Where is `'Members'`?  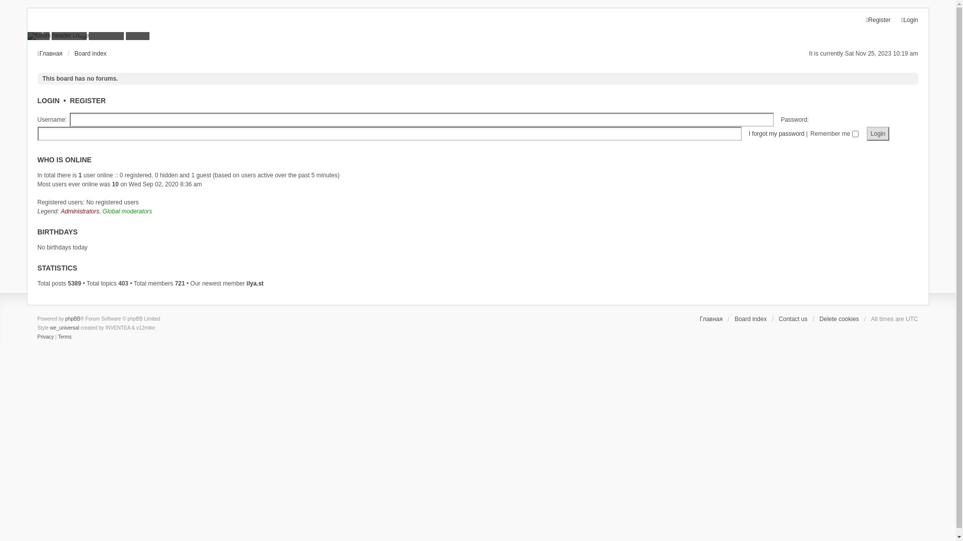
'Members' is located at coordinates (69, 29).